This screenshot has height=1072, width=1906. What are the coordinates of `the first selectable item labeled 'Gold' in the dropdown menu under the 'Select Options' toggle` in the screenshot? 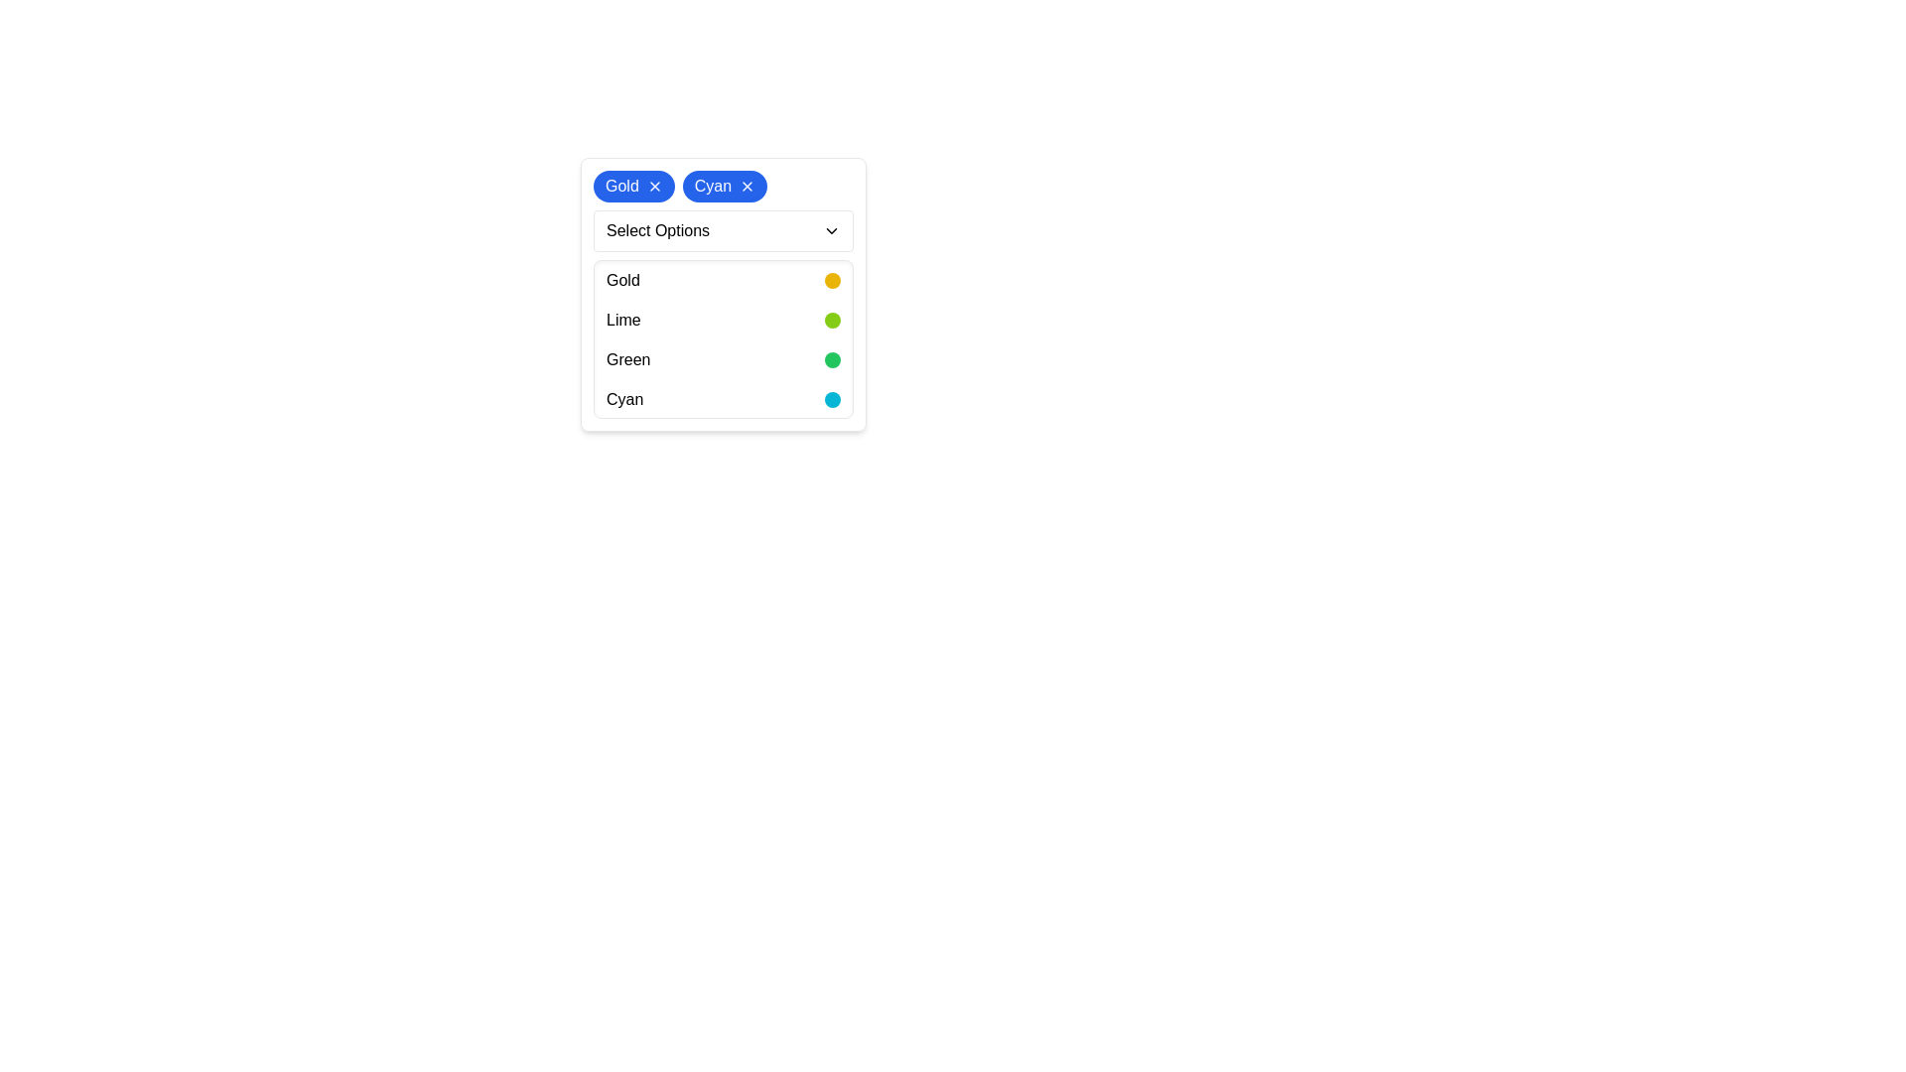 It's located at (723, 295).